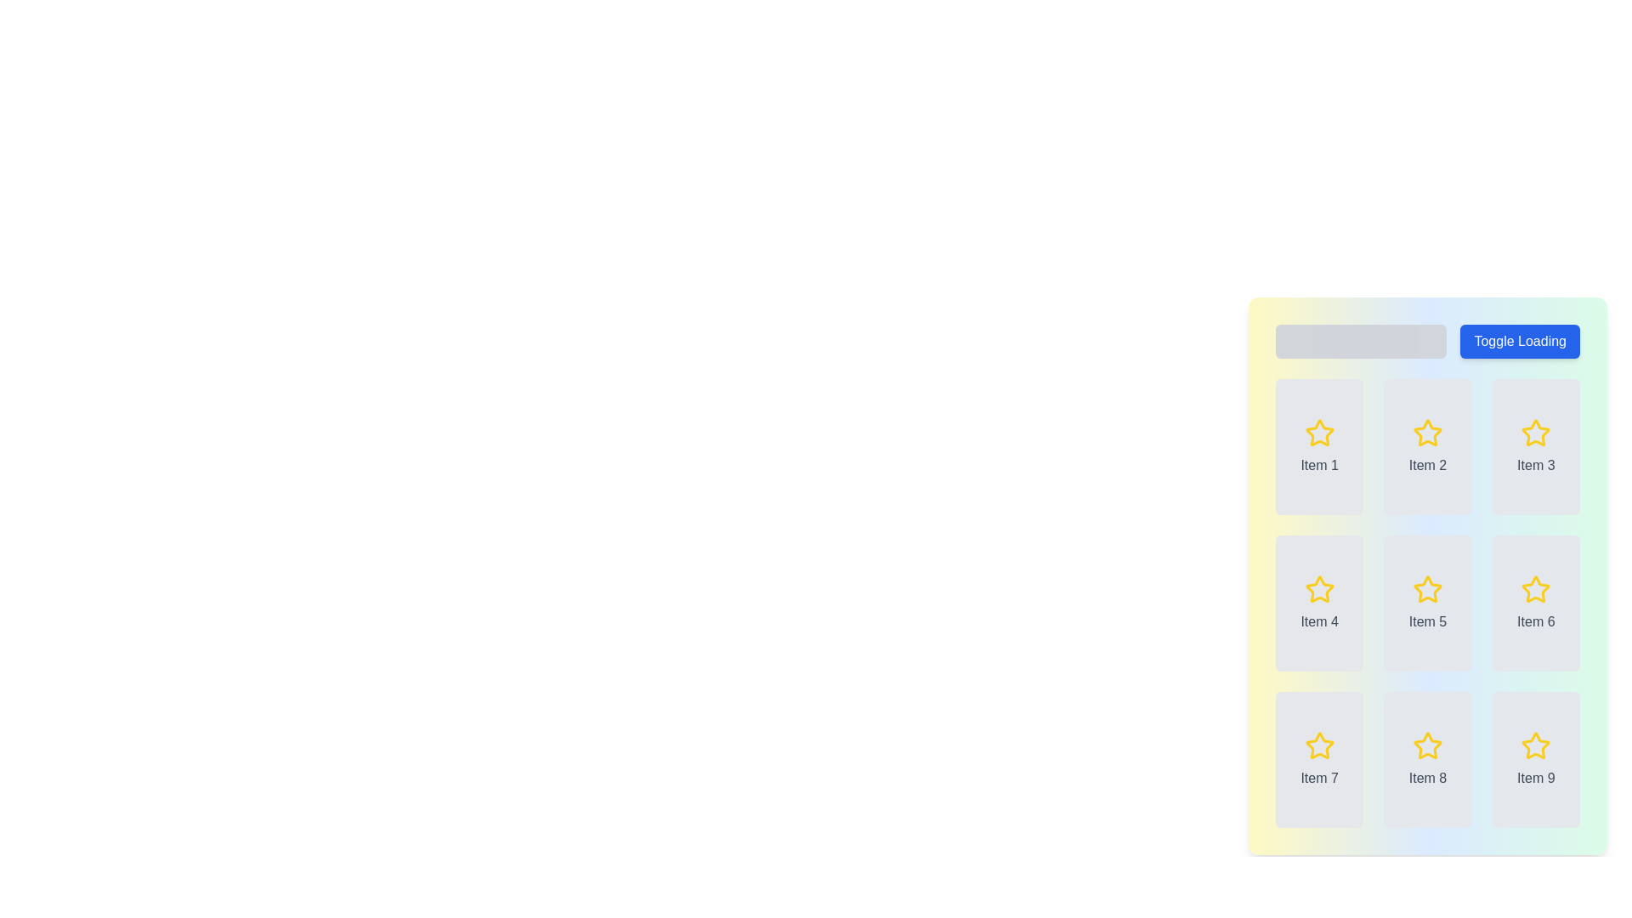 The width and height of the screenshot is (1632, 918). I want to click on the card-like UI component in the middle cell of the second row of the grid layout, which contains a yellow star icon and a text label such as 'Item 5', so click(1428, 602).